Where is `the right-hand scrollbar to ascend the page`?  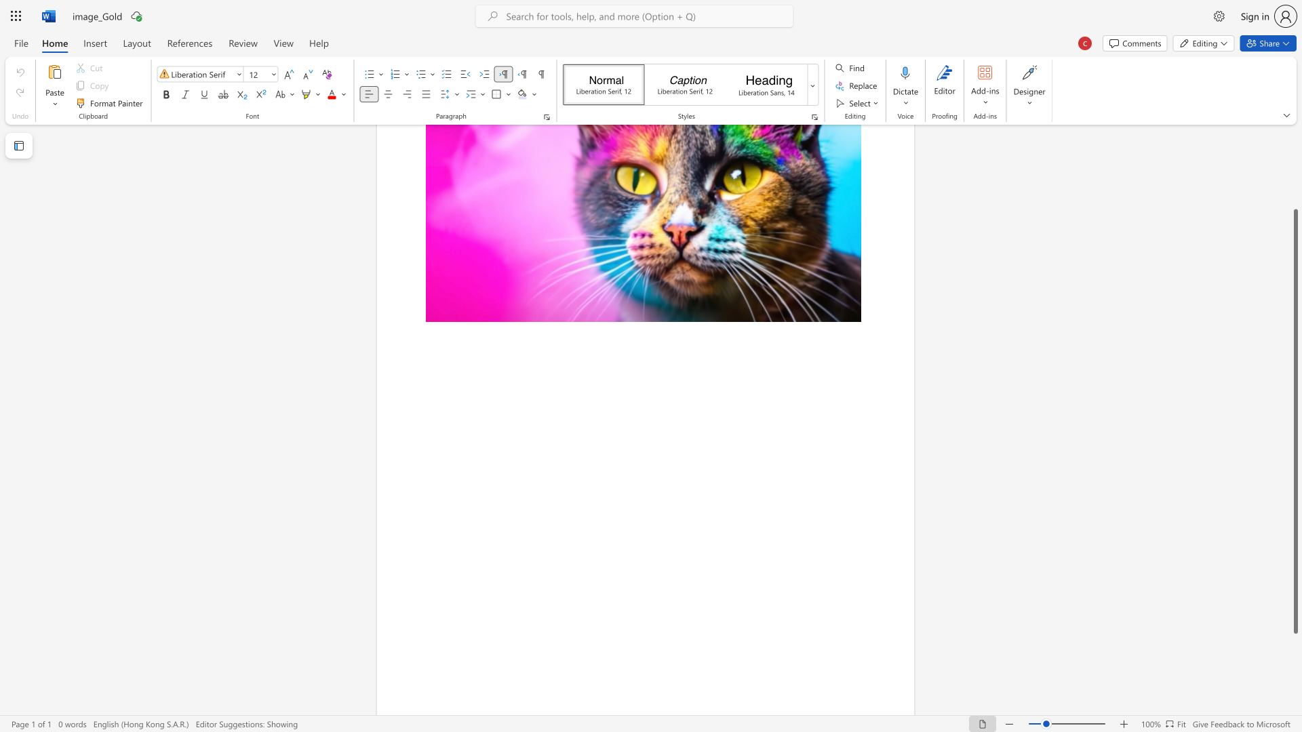 the right-hand scrollbar to ascend the page is located at coordinates (1295, 175).